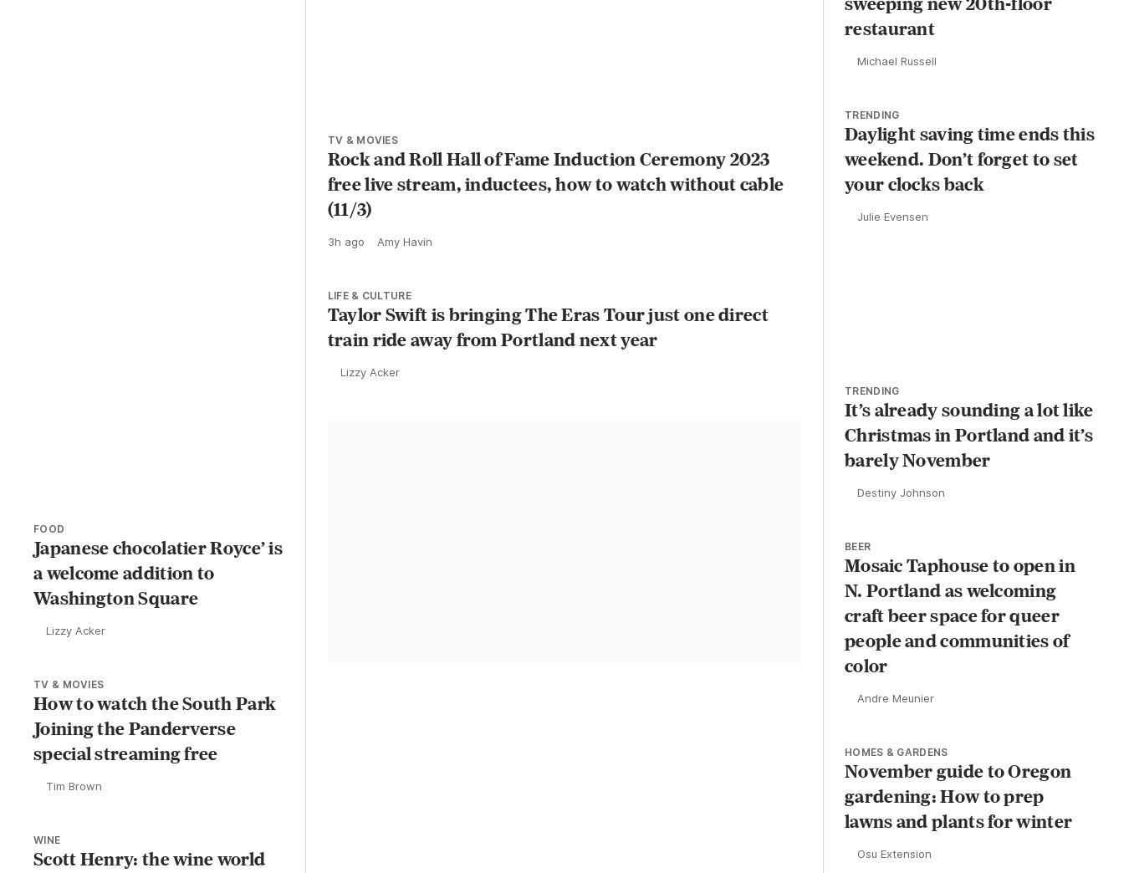 This screenshot has height=873, width=1129. What do you see at coordinates (547, 359) in the screenshot?
I see `'Taylor Swift is bringing The Eras Tour just one direct train ride away from Portland next year'` at bounding box center [547, 359].